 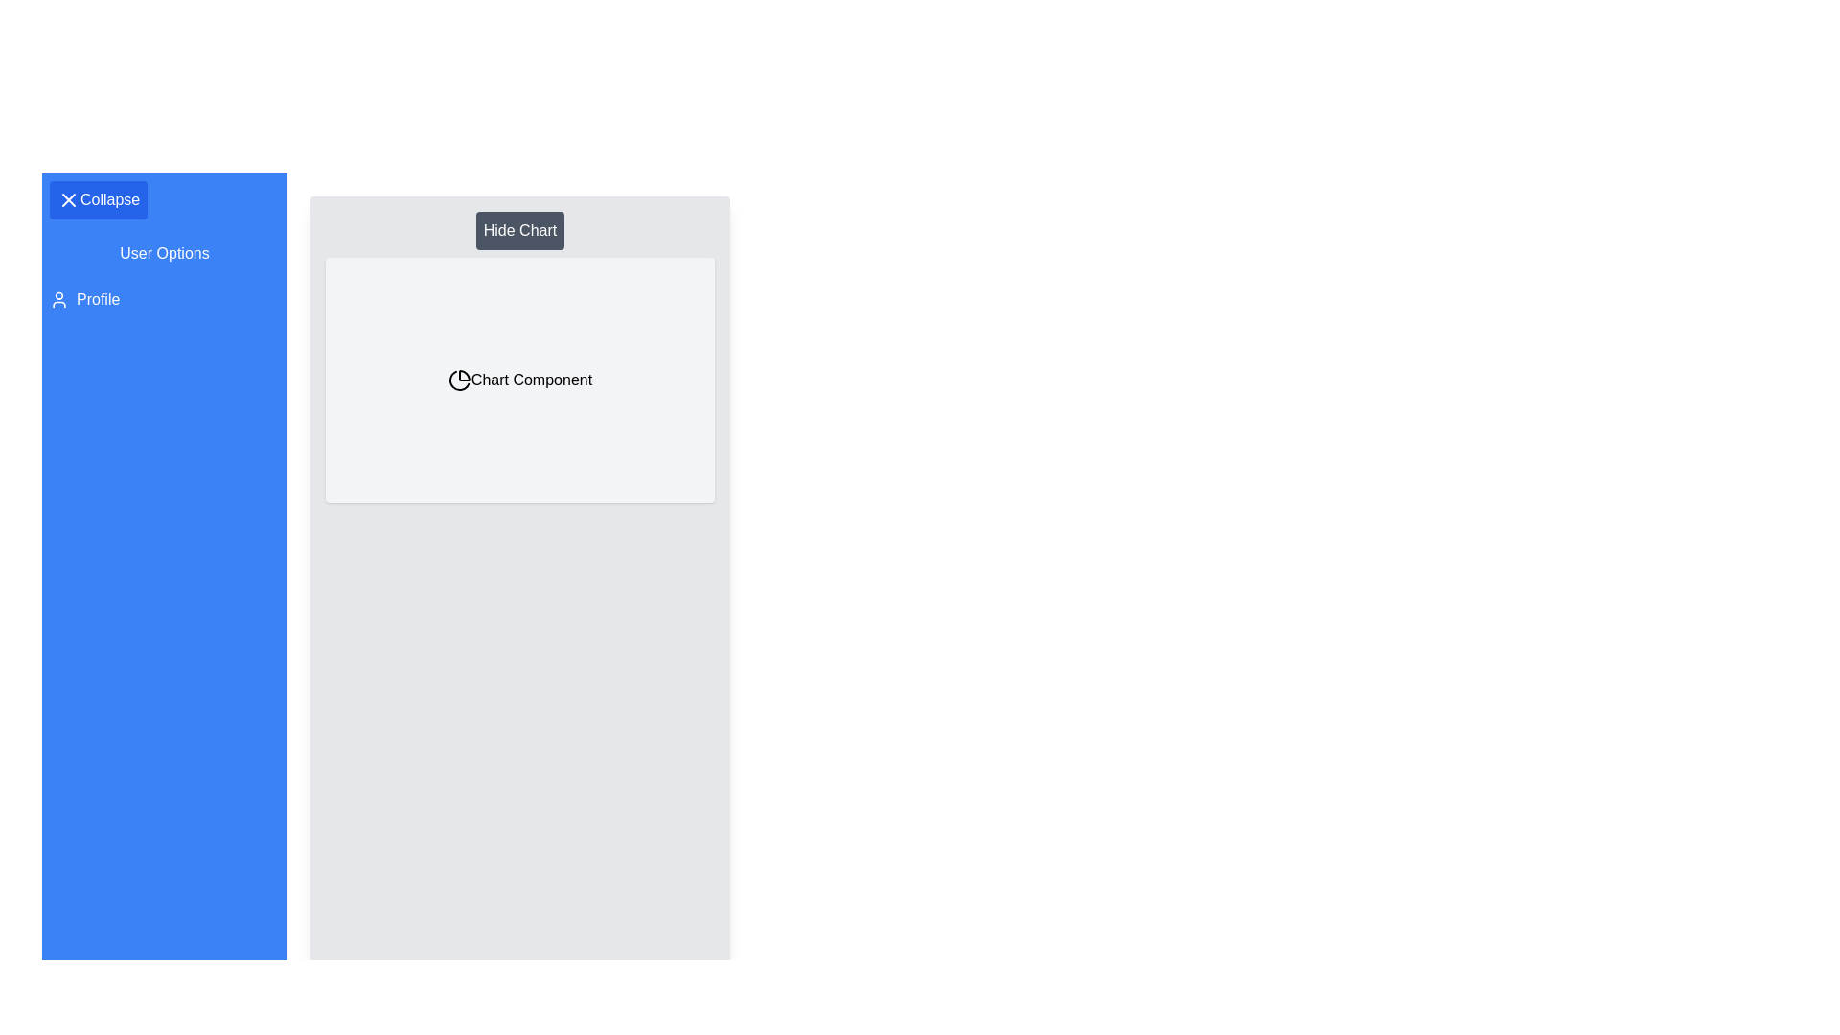 I want to click on the 'X' icon within the 'Collapse' button, so click(x=69, y=199).